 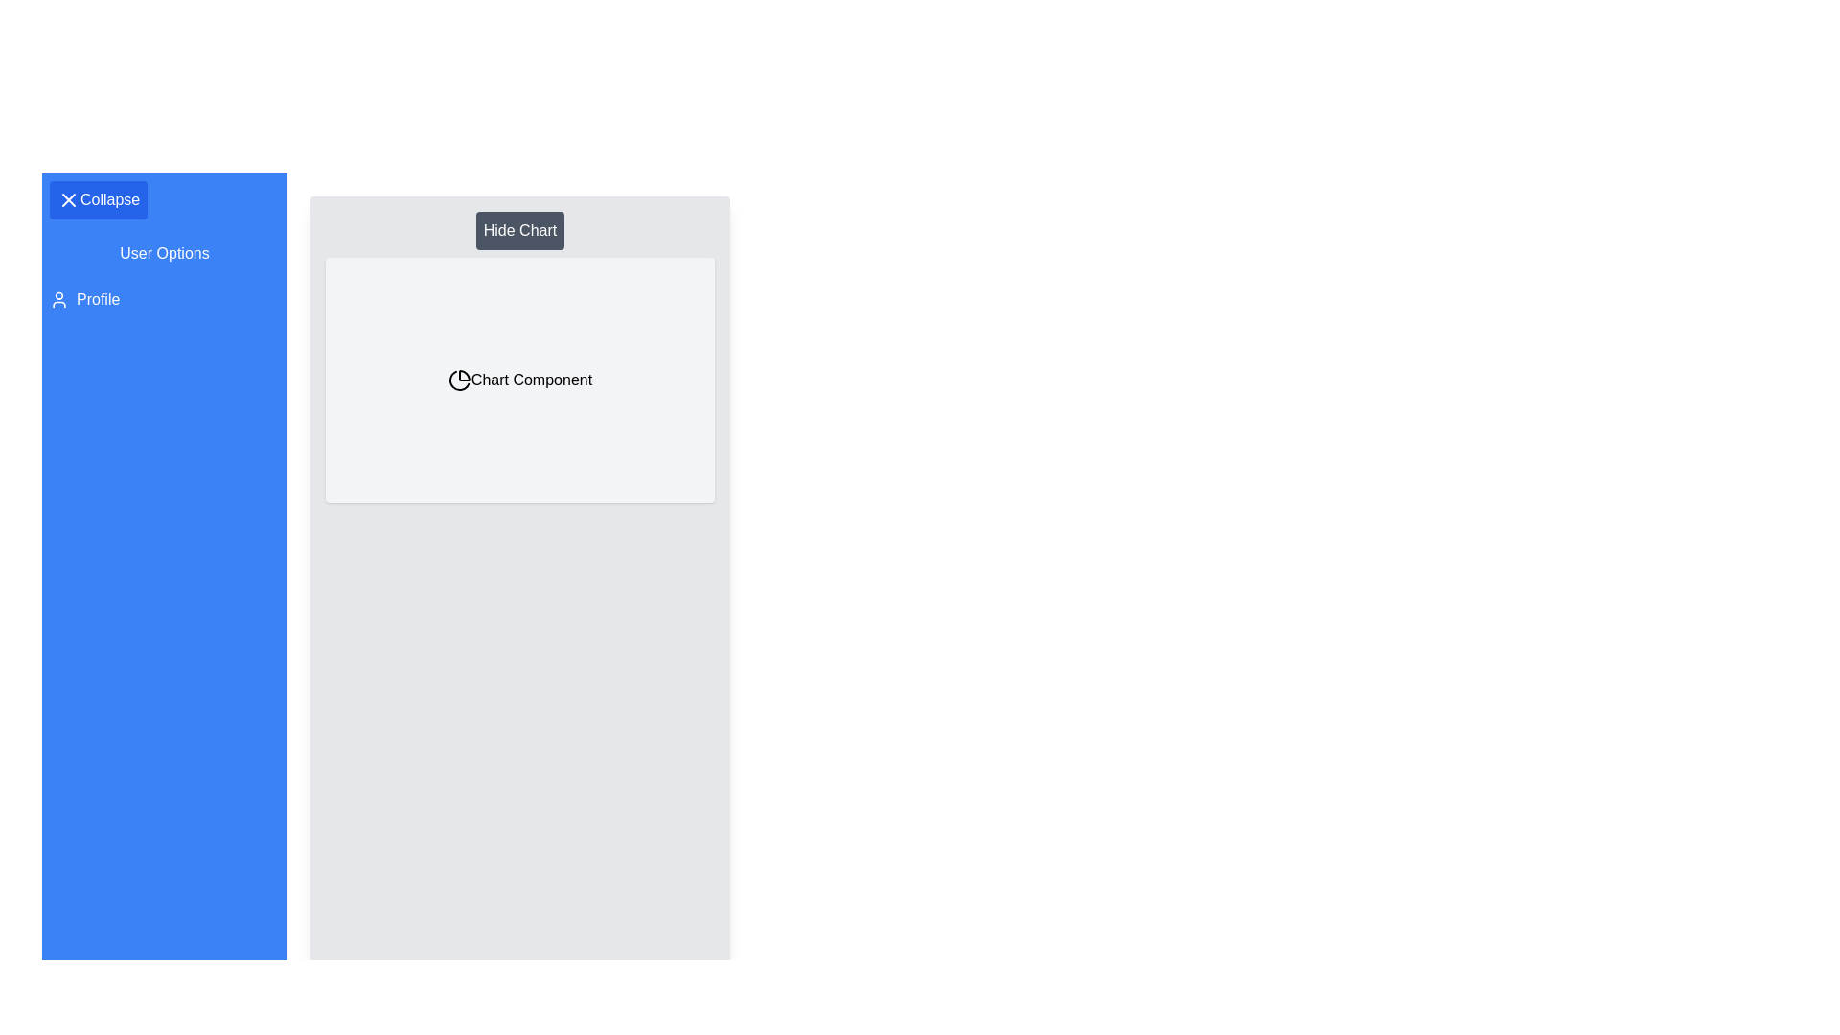 I want to click on the 'X' icon within the 'Collapse' button, so click(x=69, y=199).